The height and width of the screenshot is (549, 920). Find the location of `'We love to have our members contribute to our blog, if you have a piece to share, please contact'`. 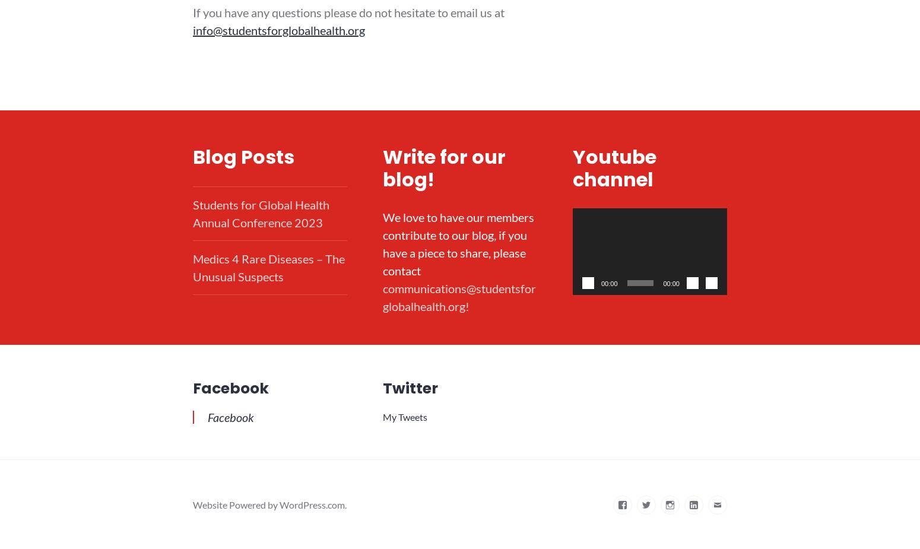

'We love to have our members contribute to our blog, if you have a piece to share, please contact' is located at coordinates (382, 243).